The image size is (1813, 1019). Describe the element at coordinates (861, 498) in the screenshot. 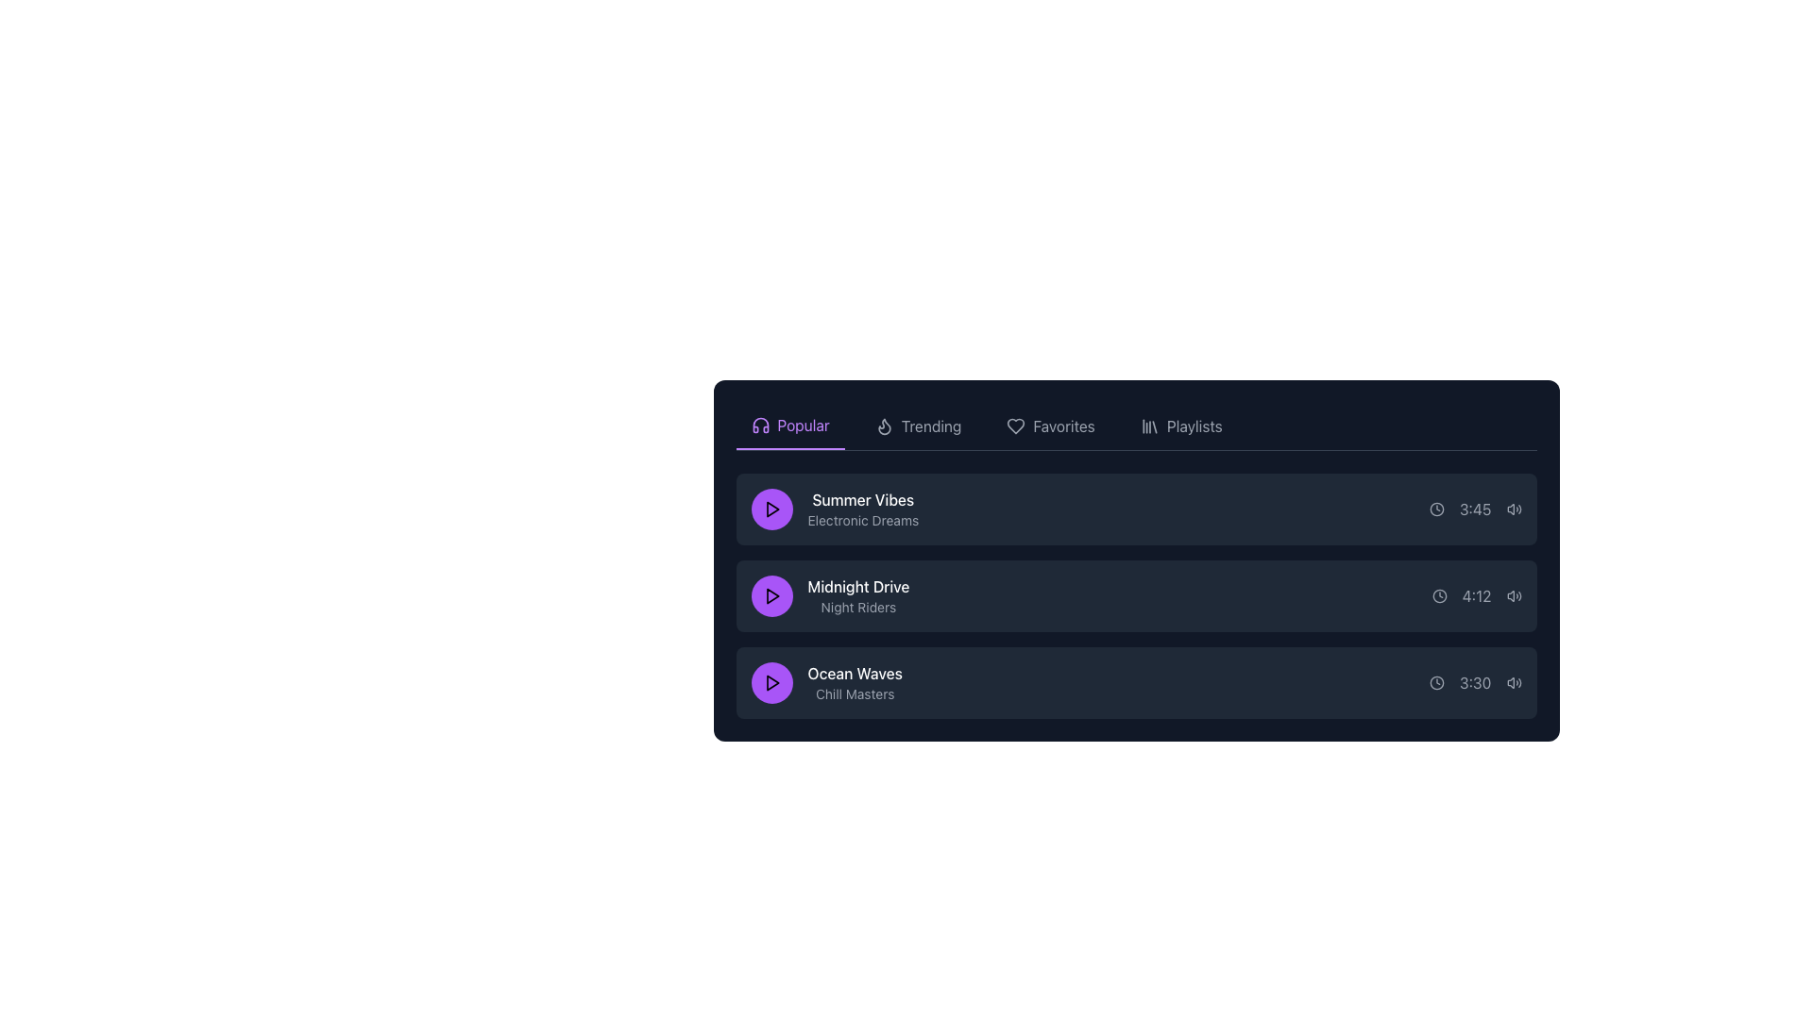

I see `the text label displaying the title of the playlist item, which is located in the first list item of a vertically-aligned playlist, next to the round play button with a purple triangle` at that location.